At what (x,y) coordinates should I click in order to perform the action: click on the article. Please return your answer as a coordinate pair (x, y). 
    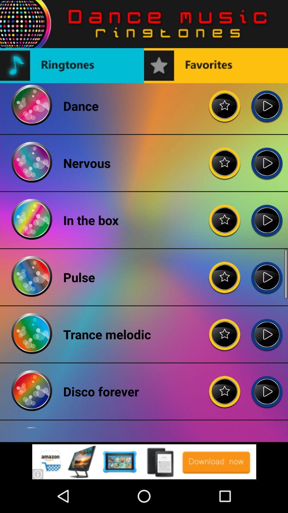
    Looking at the image, I should click on (225, 102).